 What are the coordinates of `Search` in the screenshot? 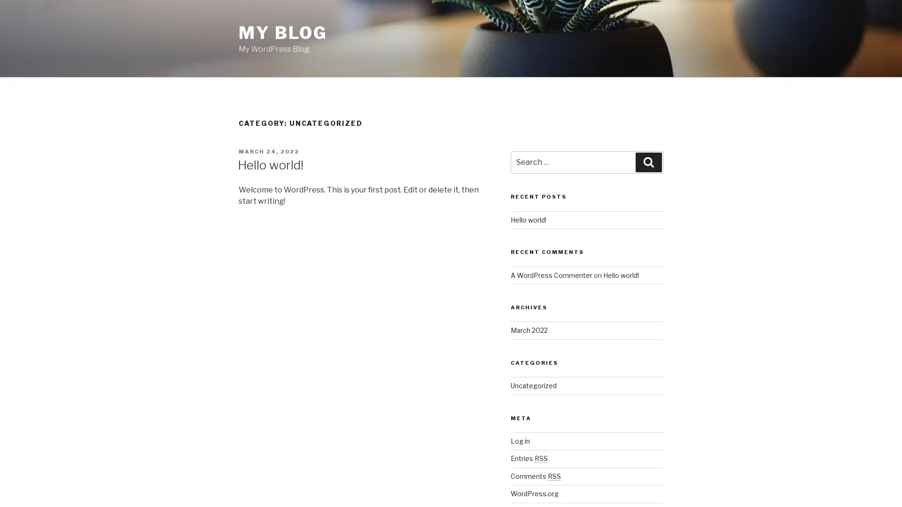 It's located at (648, 162).